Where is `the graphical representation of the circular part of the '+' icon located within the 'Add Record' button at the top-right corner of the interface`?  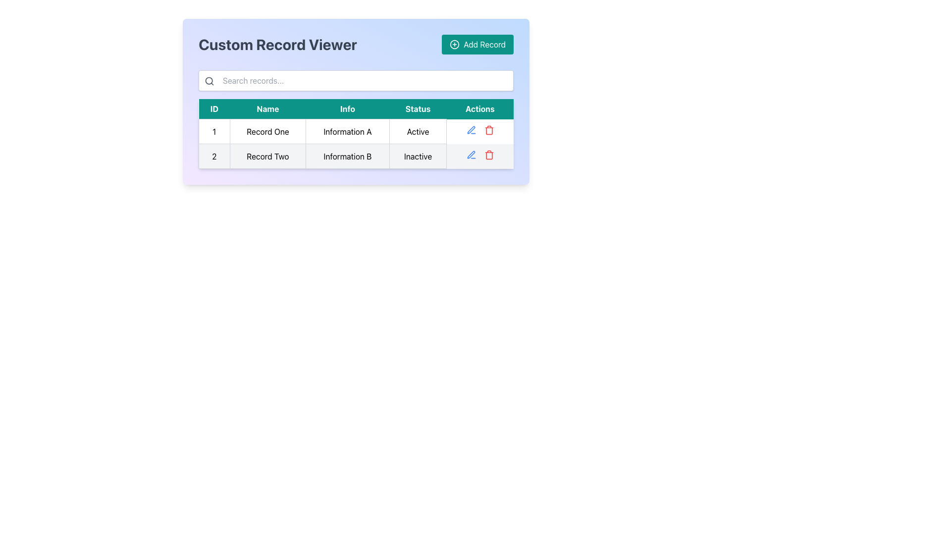 the graphical representation of the circular part of the '+' icon located within the 'Add Record' button at the top-right corner of the interface is located at coordinates (454, 44).